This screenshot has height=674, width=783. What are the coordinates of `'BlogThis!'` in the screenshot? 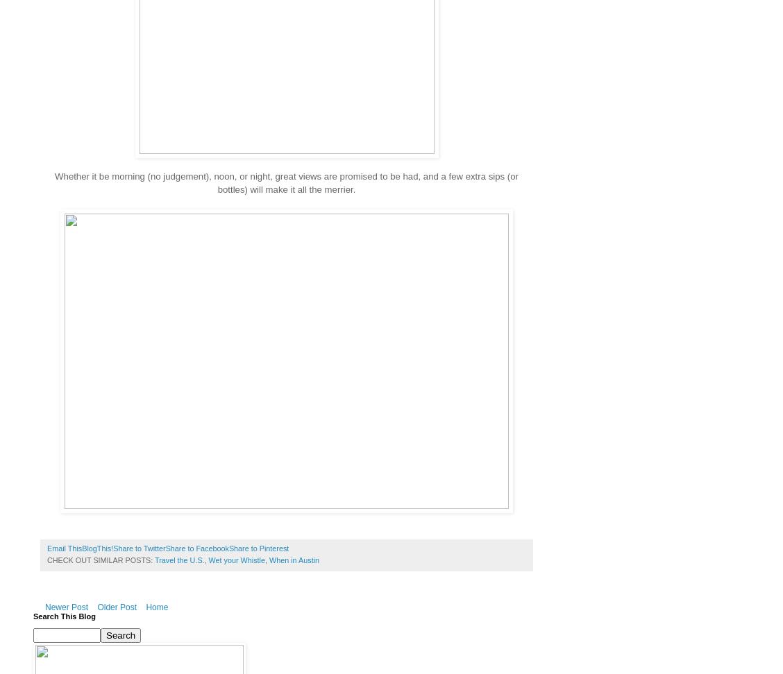 It's located at (81, 548).